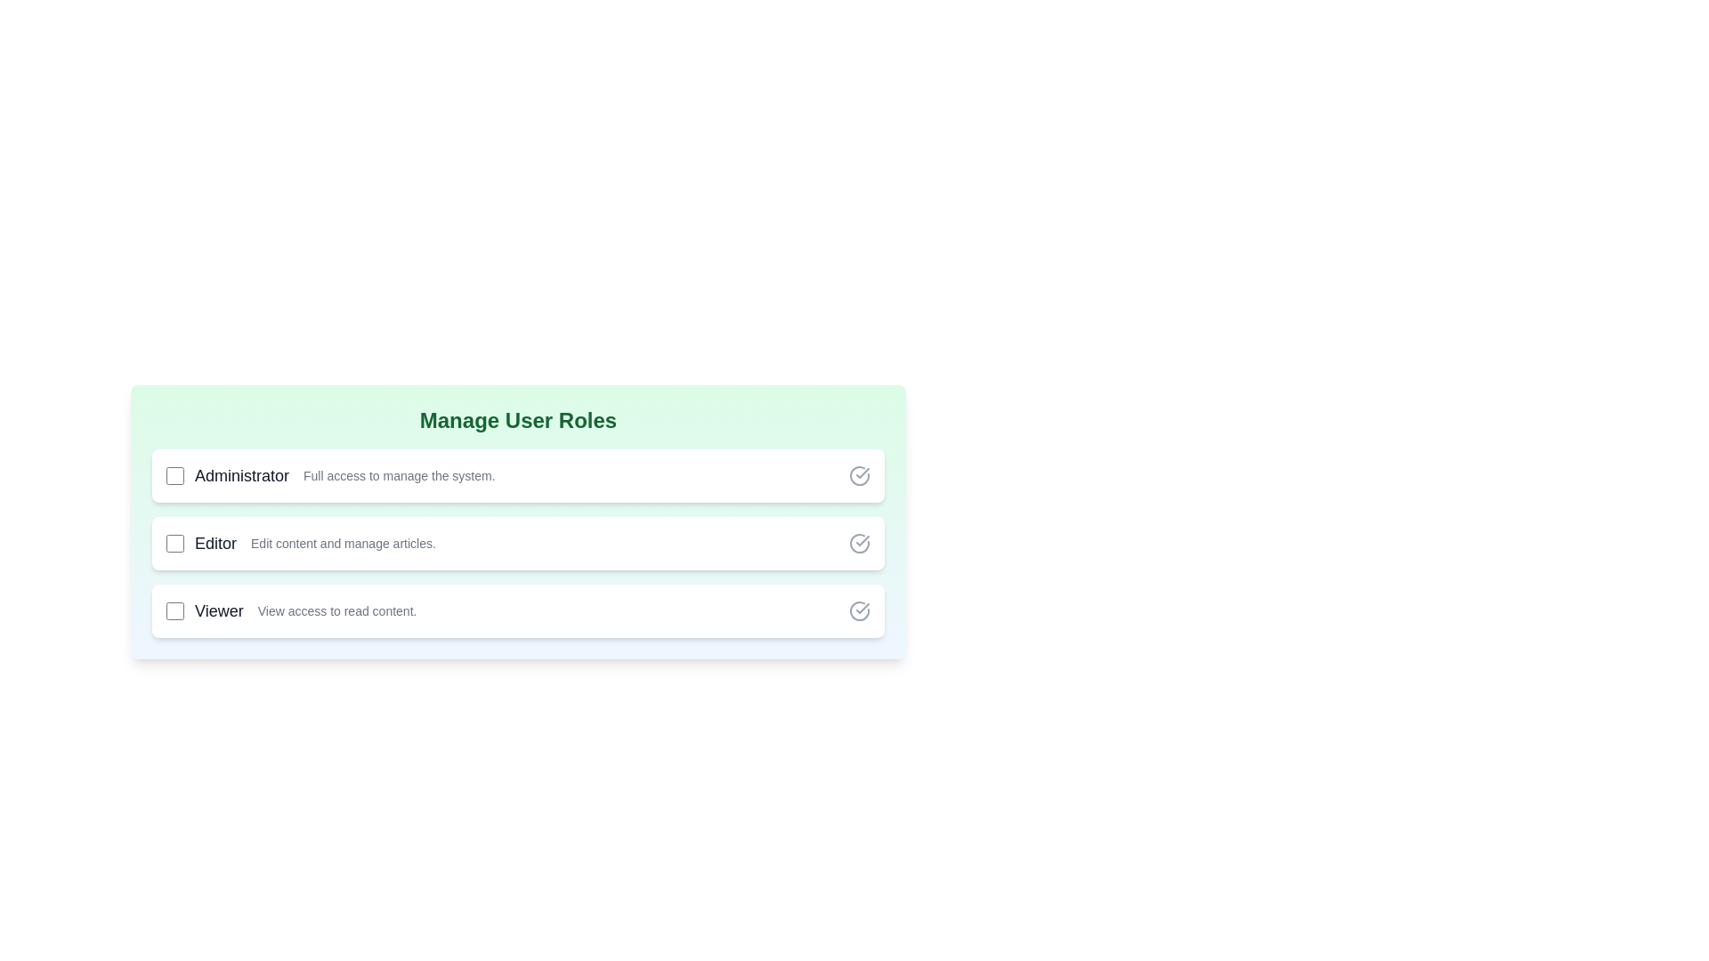  I want to click on the text of the role Editor to highlight it, so click(214, 542).